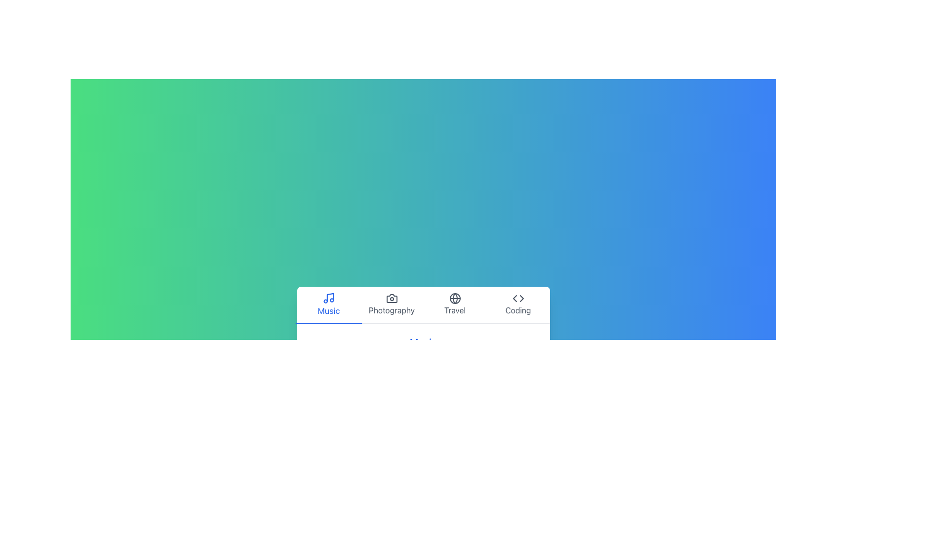  I want to click on the 'Travel' navigation button, so click(454, 304).